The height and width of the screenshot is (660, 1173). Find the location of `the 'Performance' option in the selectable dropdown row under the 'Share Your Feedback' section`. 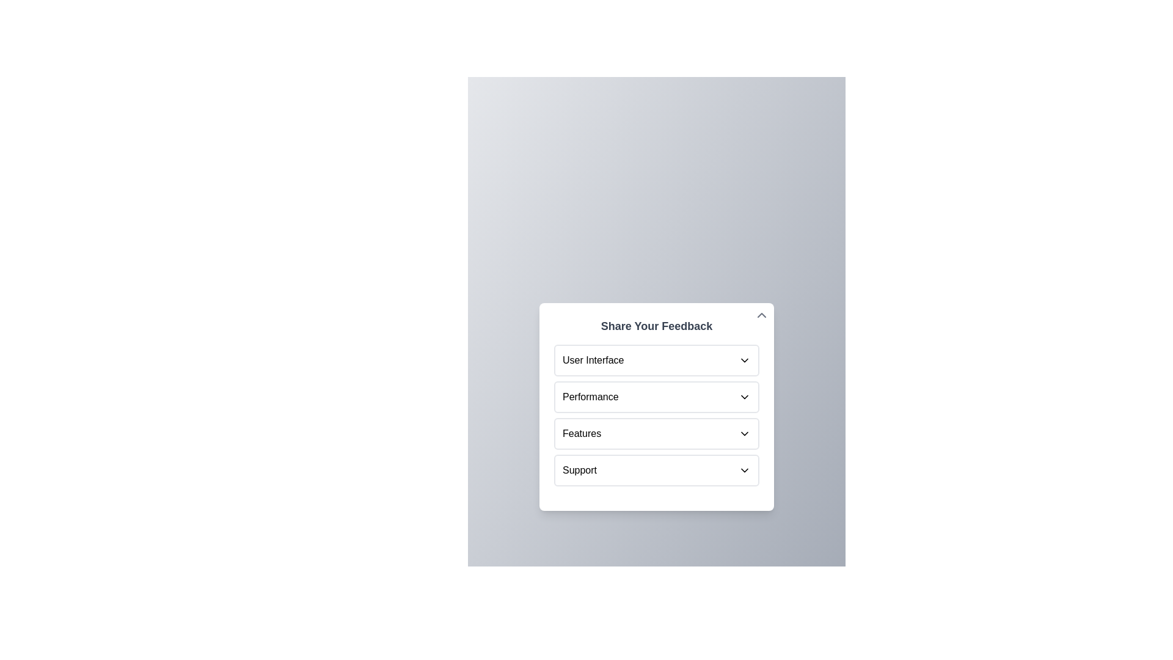

the 'Performance' option in the selectable dropdown row under the 'Share Your Feedback' section is located at coordinates (656, 397).